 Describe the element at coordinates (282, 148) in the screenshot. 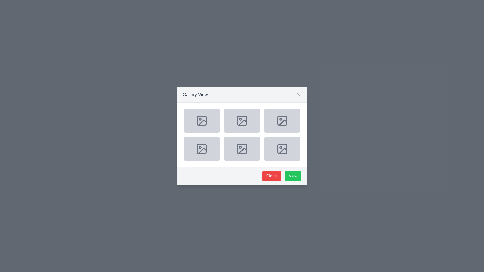

I see `Decorative UI Component that serves as part of an image placeholder, located at the bottom-right corner of the second row in the gallery view grid, specifically the third icon in its row` at that location.